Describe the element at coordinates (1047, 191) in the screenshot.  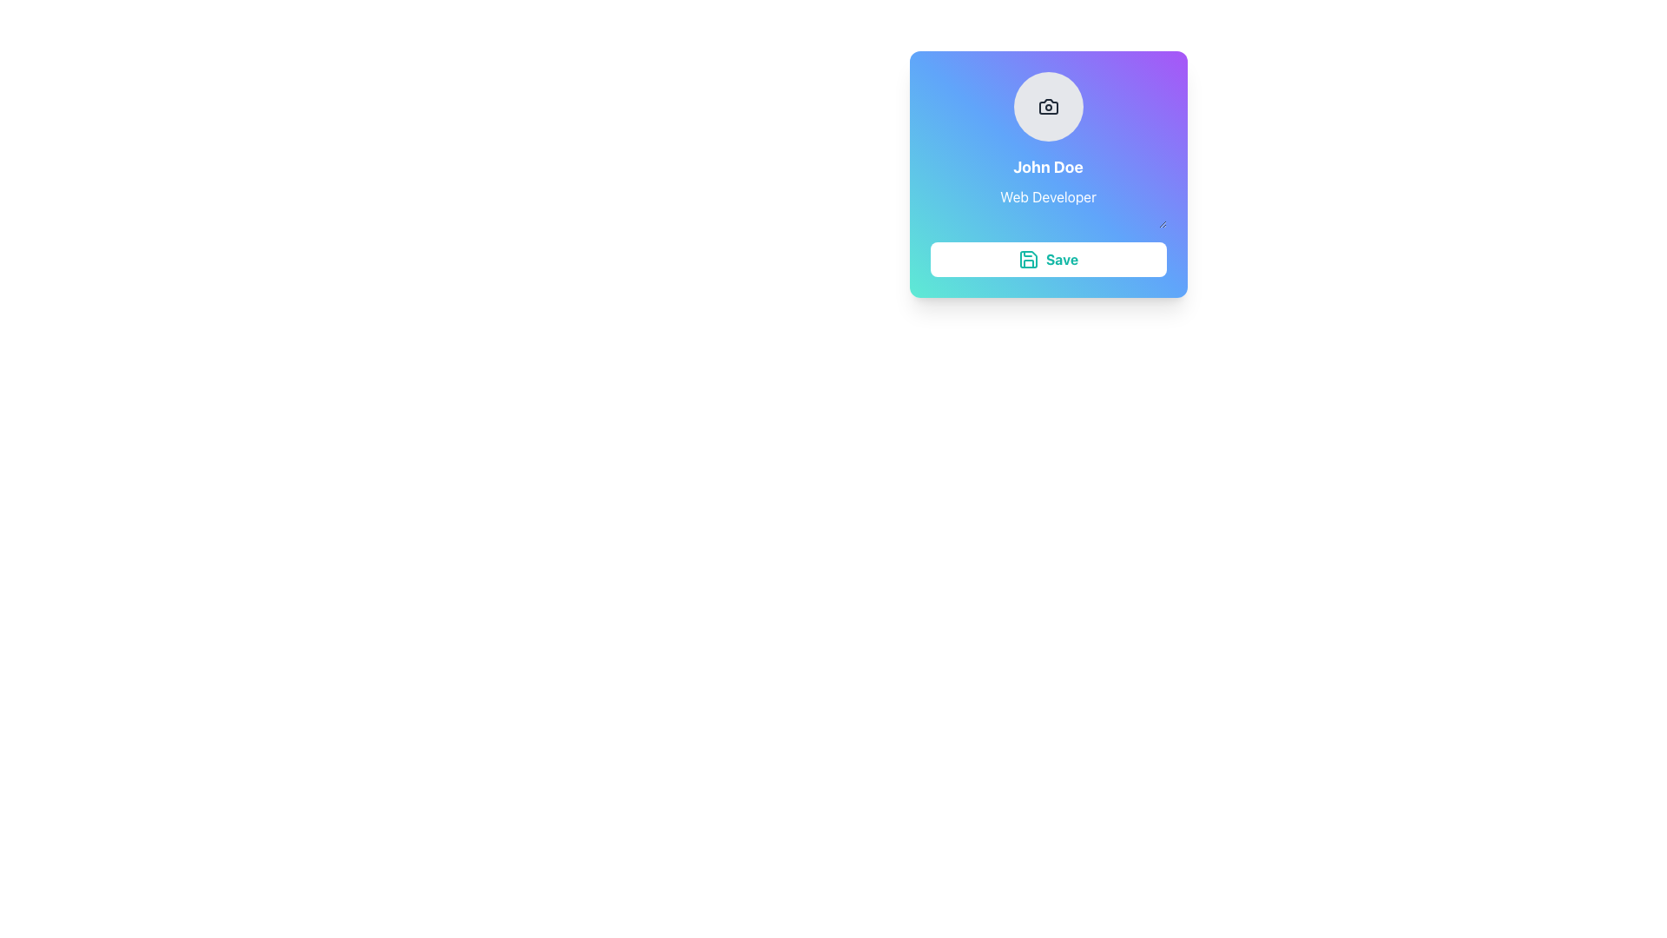
I see `the text label displaying 'Web Developer', which is centered beneath 'John Doe' and above the 'Save' button` at that location.